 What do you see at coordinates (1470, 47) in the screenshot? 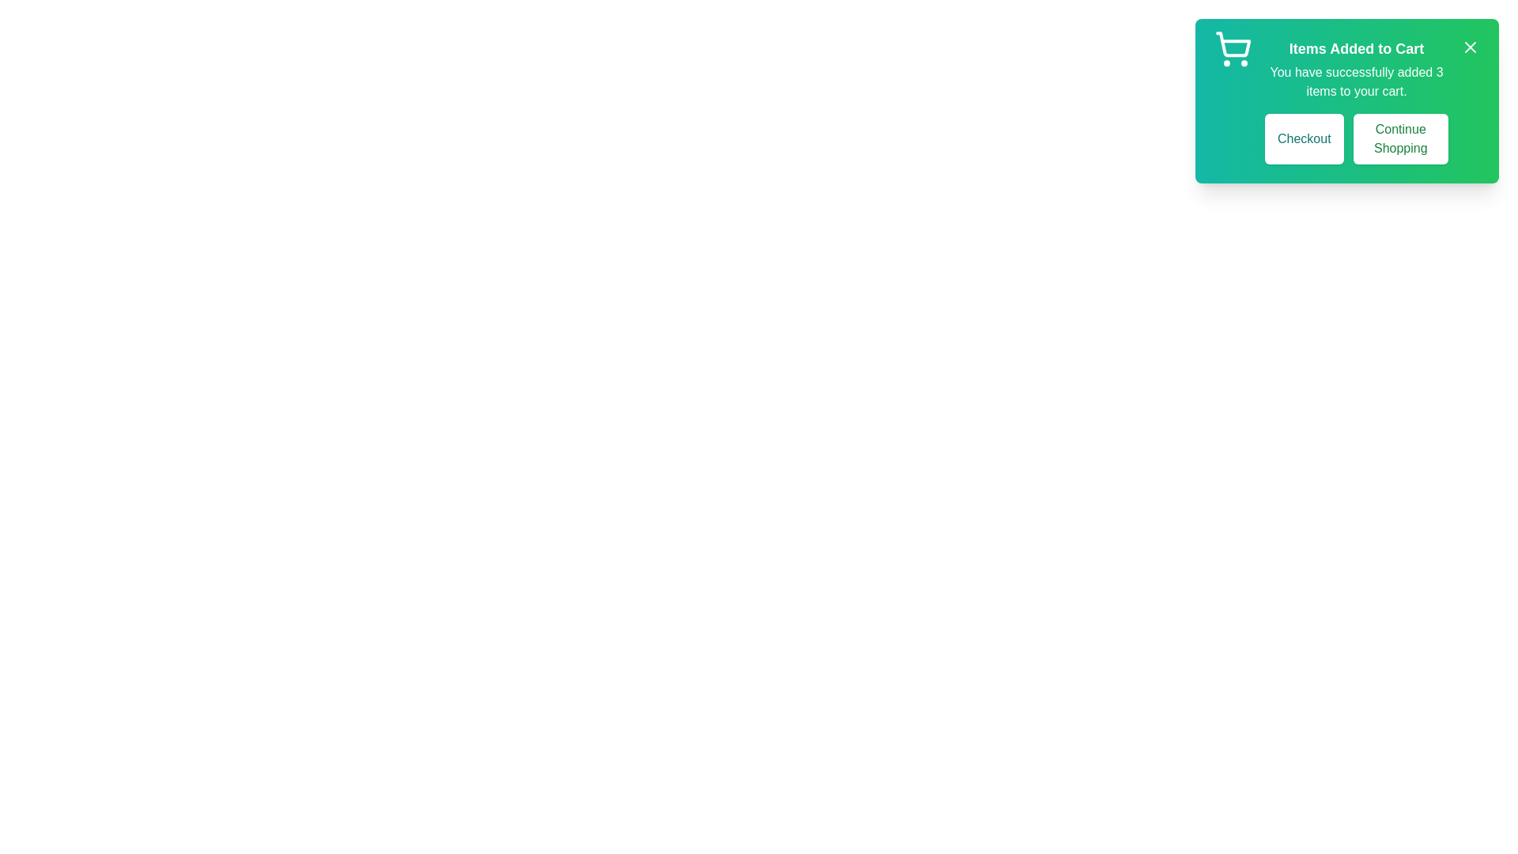
I see `the close icon to dismiss the notification` at bounding box center [1470, 47].